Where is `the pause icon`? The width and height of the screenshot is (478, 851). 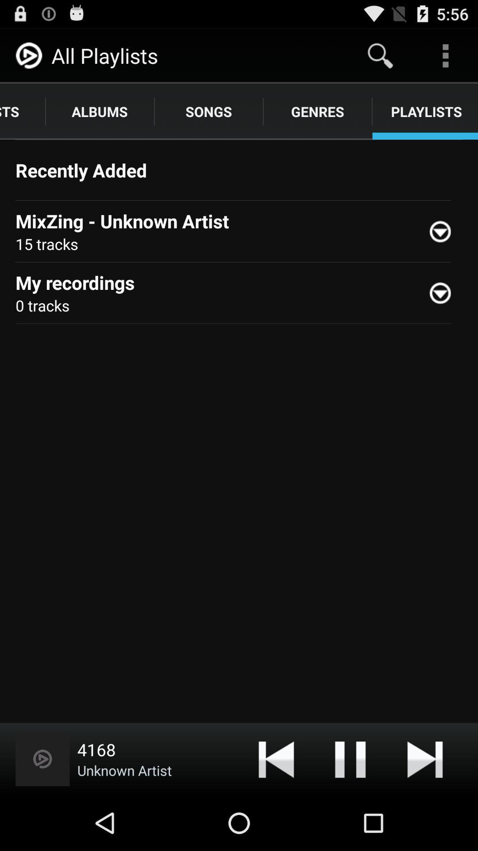
the pause icon is located at coordinates (350, 812).